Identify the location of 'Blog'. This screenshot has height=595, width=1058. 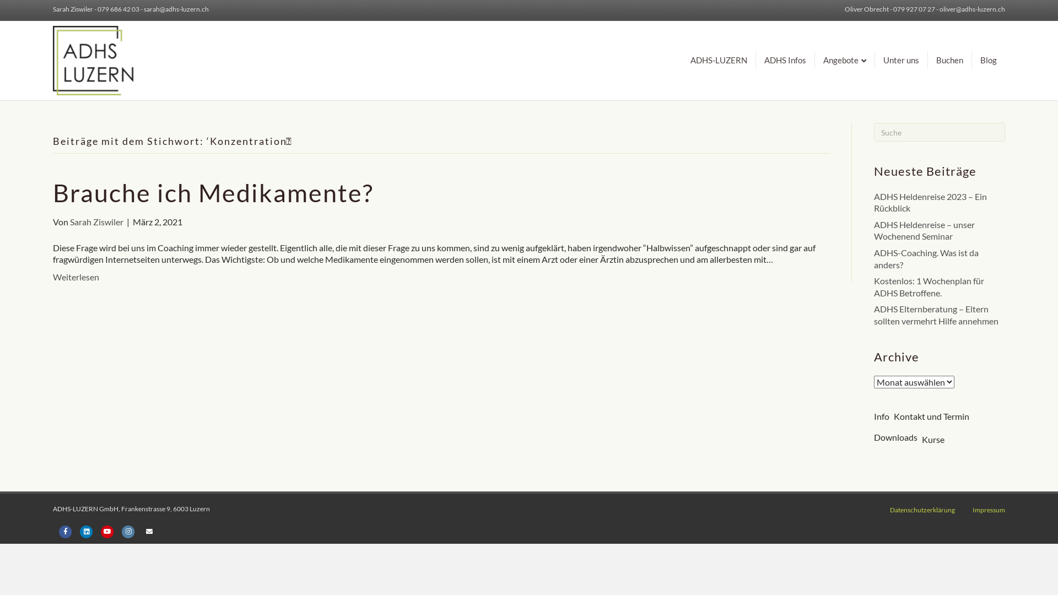
(989, 60).